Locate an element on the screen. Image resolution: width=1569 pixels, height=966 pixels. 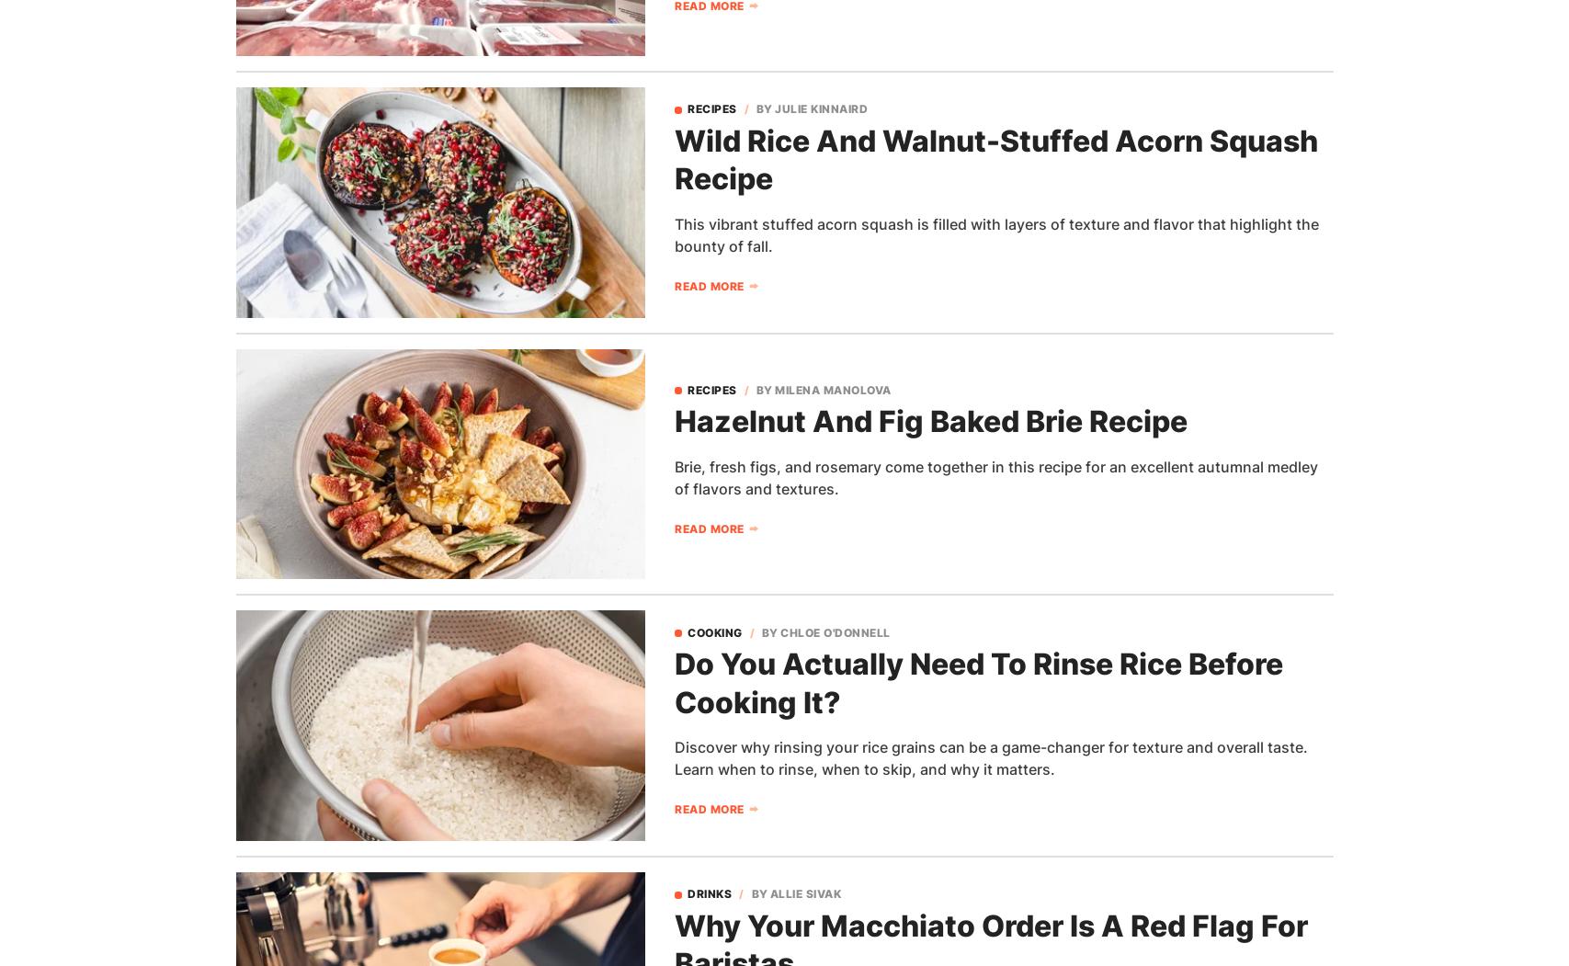
'Milena Manolova' is located at coordinates (832, 389).